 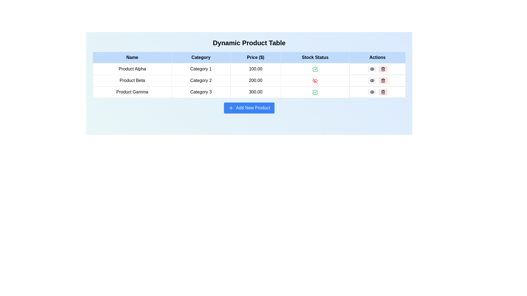 What do you see at coordinates (372, 80) in the screenshot?
I see `the eye icon in the Actions column of the table, positioned in the first row, which indicates visibility or viewing actions` at bounding box center [372, 80].